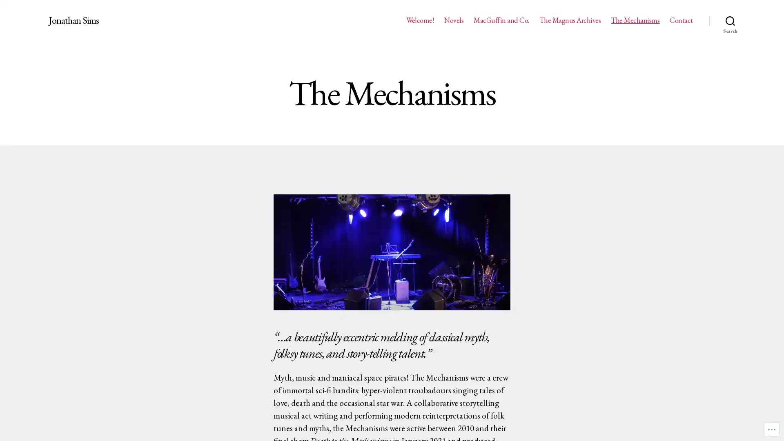  I want to click on Search, so click(730, 20).